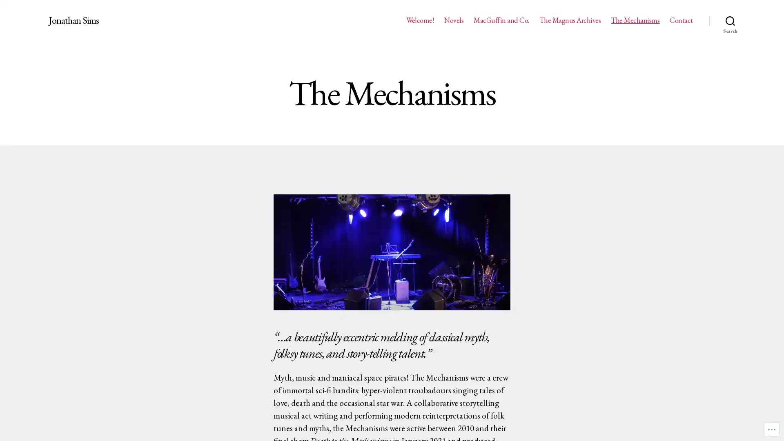  I want to click on Search, so click(730, 20).